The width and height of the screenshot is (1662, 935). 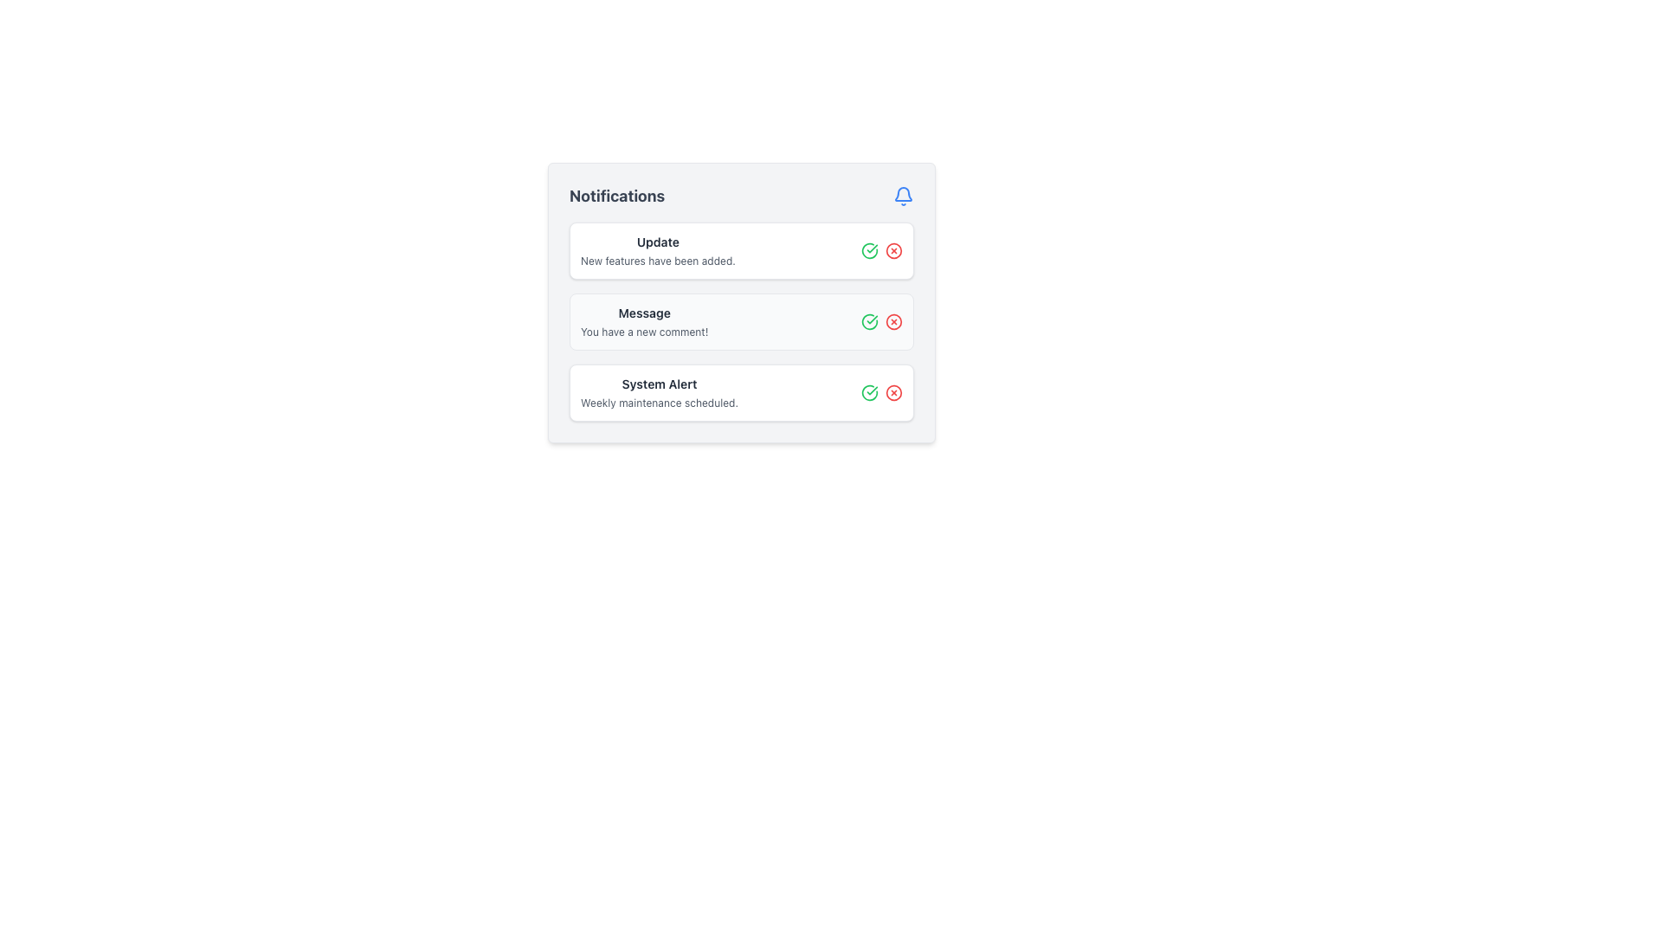 I want to click on the Icon Buttons Group, which consists of a green checkmark and a red cross, so click(x=881, y=321).